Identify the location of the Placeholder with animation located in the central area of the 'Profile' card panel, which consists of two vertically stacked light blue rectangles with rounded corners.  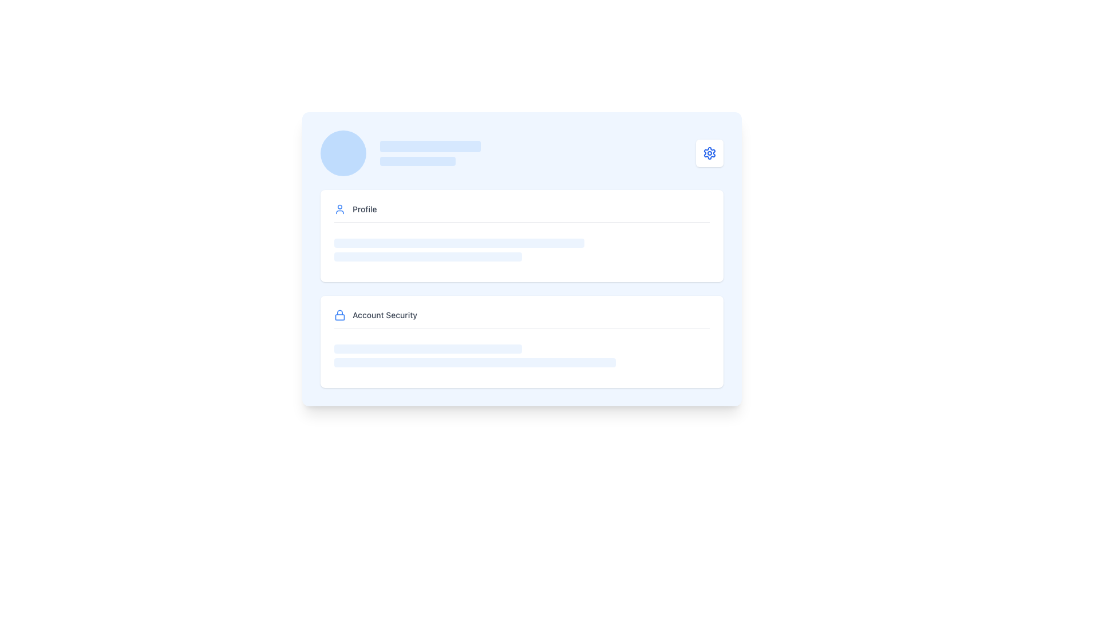
(521, 249).